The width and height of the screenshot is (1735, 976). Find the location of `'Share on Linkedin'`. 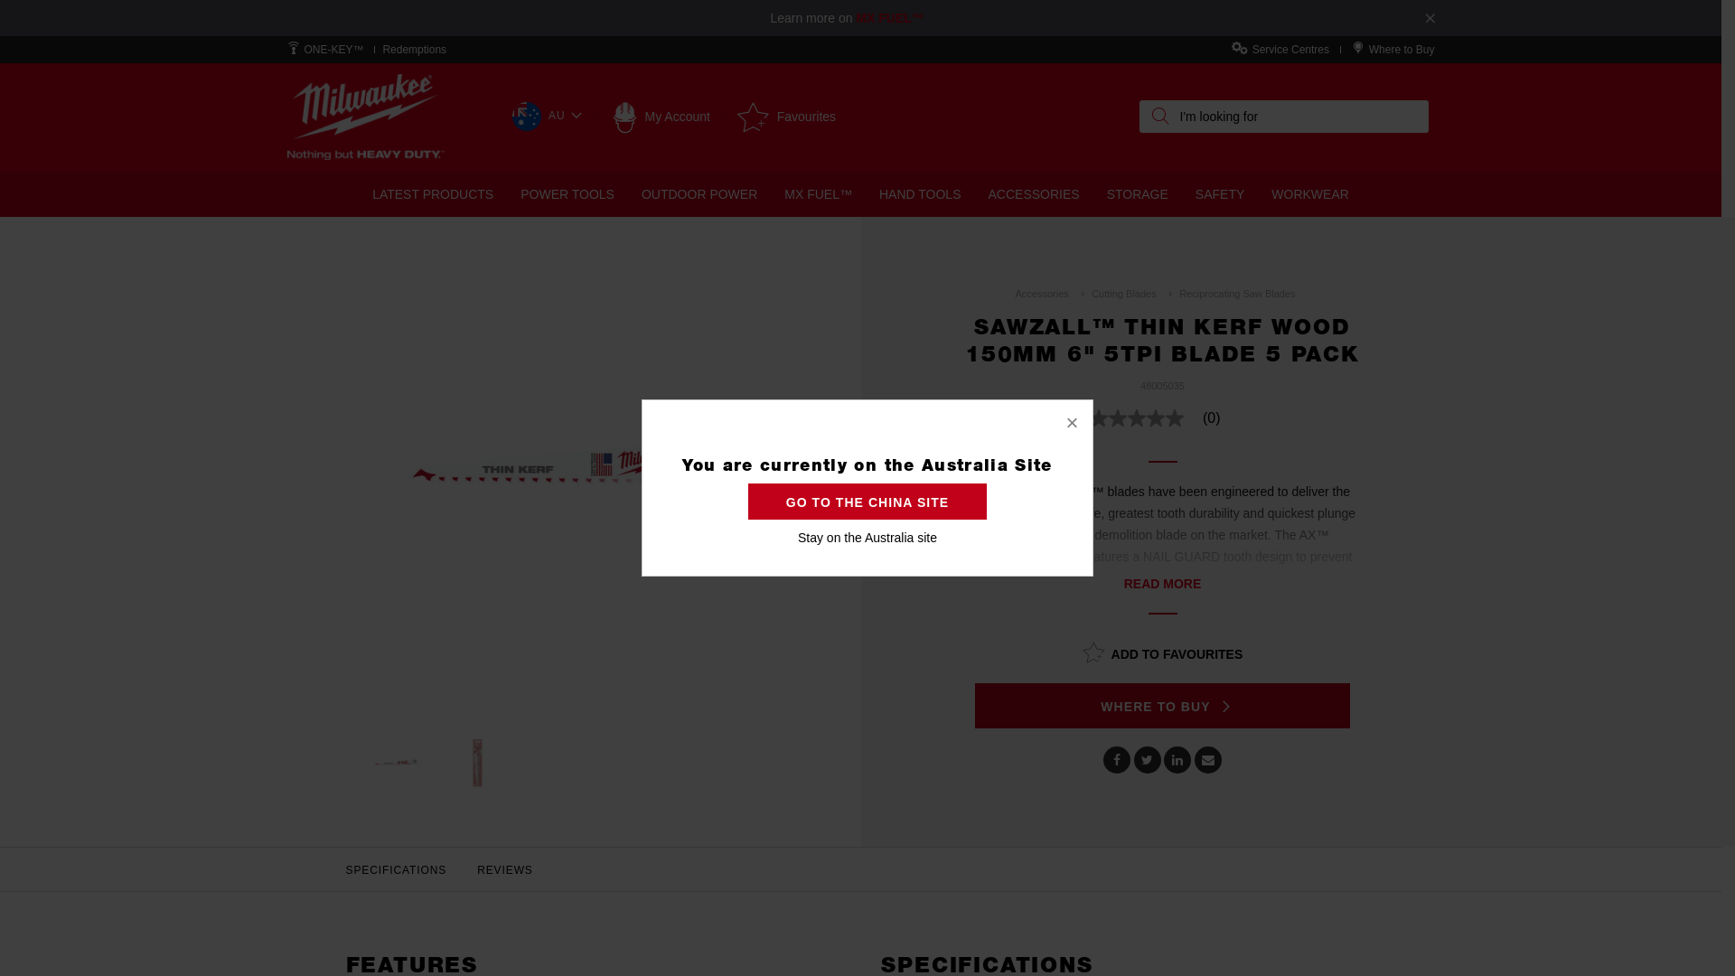

'Share on Linkedin' is located at coordinates (1177, 759).